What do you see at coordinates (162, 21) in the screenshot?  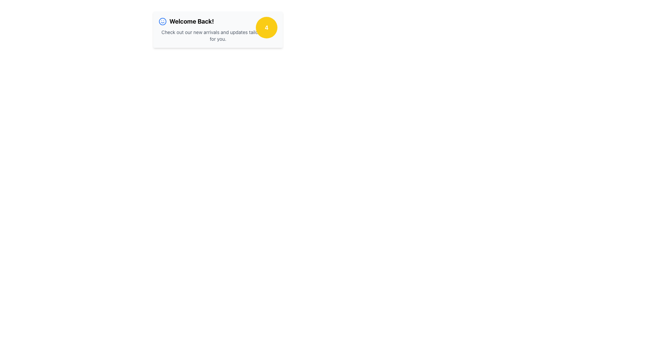 I see `the circular blue smiling face icon located at the left-most part of the horizontal layout bar, which is positioned to the left of the 'Welcome Back!' text` at bounding box center [162, 21].